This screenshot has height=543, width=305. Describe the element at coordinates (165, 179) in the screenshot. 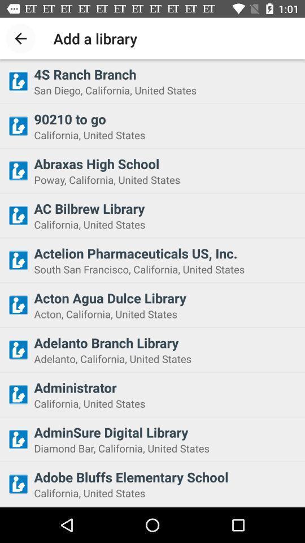

I see `the poway california united` at that location.